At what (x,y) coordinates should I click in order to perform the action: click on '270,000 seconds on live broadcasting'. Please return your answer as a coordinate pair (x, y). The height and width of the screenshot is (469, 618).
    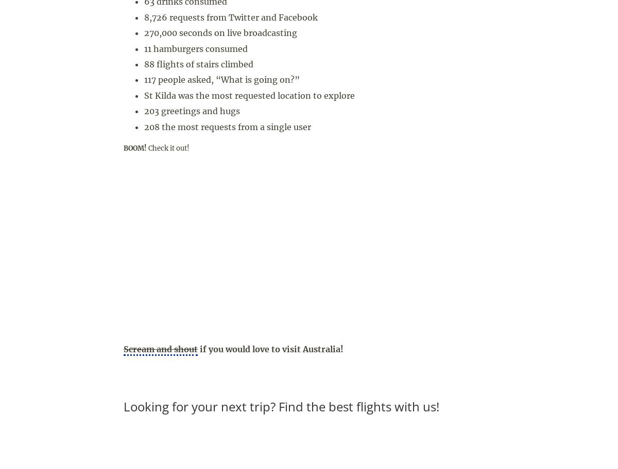
    Looking at the image, I should click on (220, 32).